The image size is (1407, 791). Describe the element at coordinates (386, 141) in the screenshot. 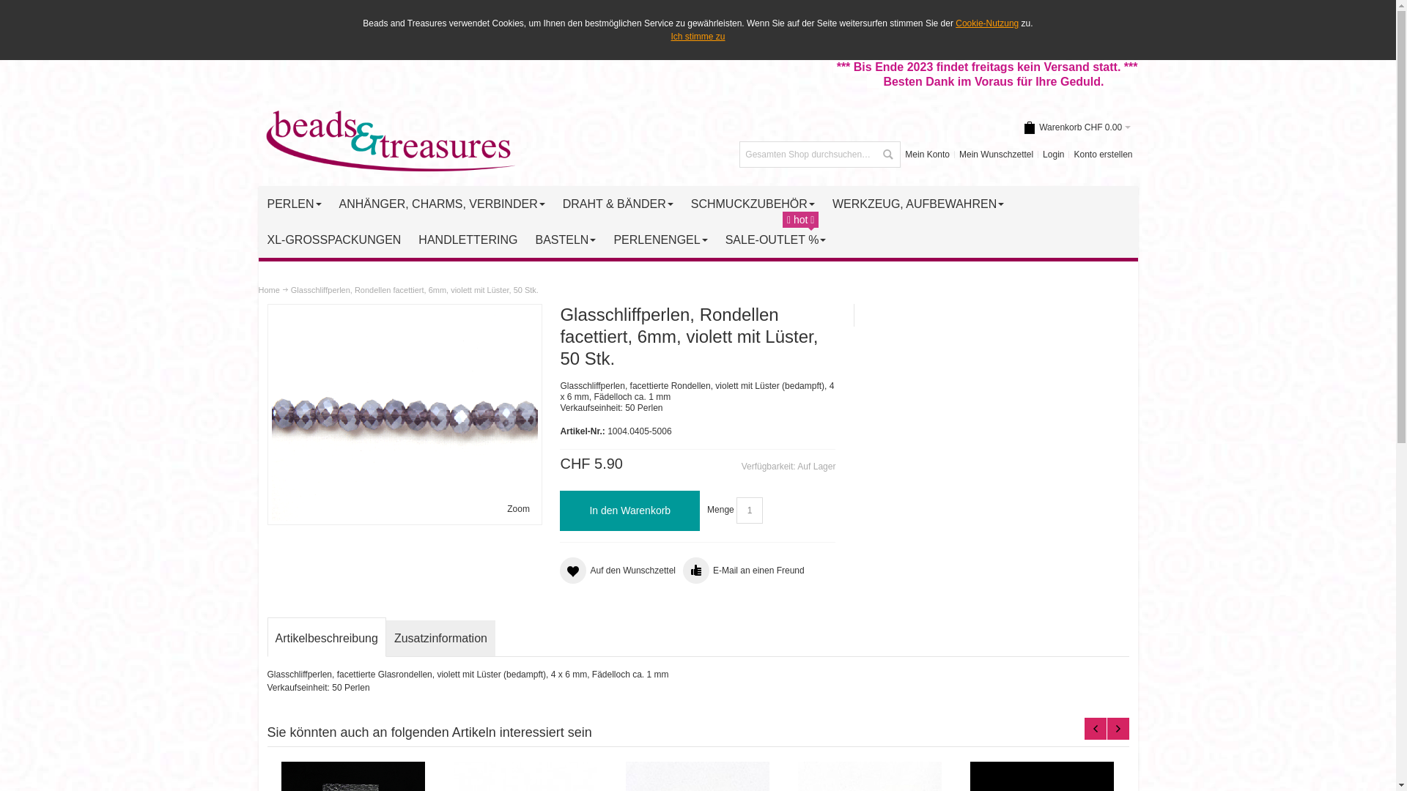

I see `'Schweizer Perlen Online Shop - BeadsAndTreasures.ch'` at that location.